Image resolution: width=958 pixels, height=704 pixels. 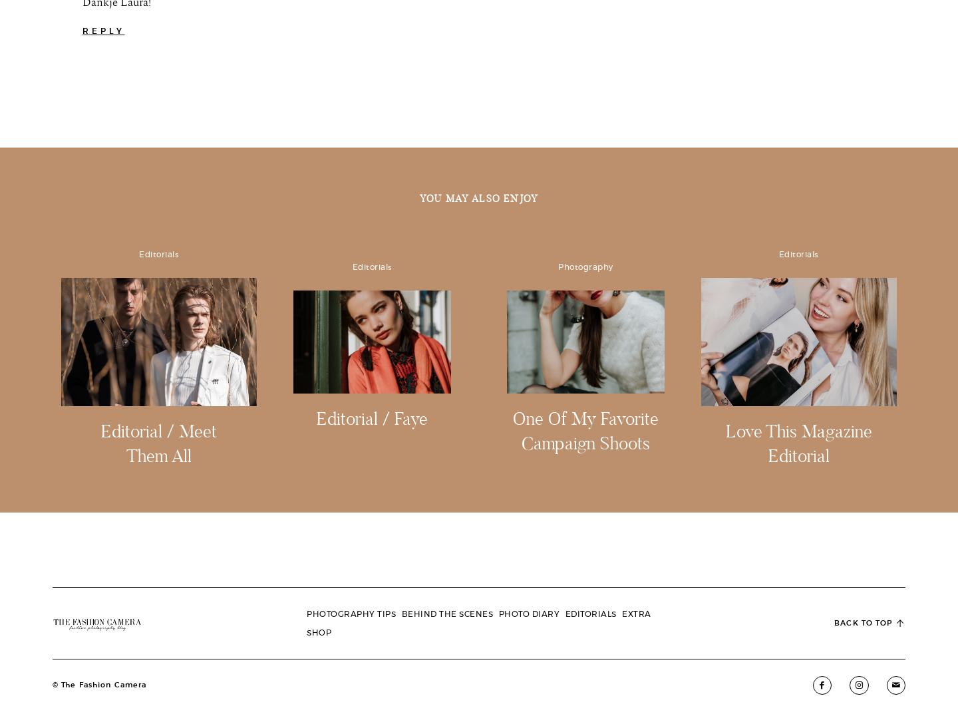 What do you see at coordinates (319, 429) in the screenshot?
I see `'Shop'` at bounding box center [319, 429].